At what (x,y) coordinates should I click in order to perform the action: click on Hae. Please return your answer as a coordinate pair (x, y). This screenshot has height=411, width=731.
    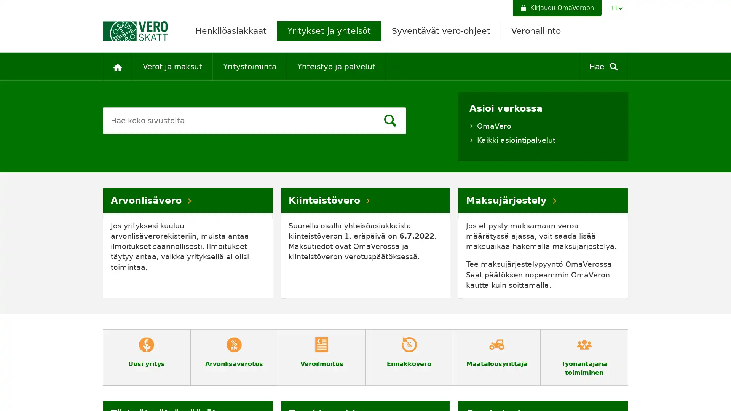
    Looking at the image, I should click on (389, 121).